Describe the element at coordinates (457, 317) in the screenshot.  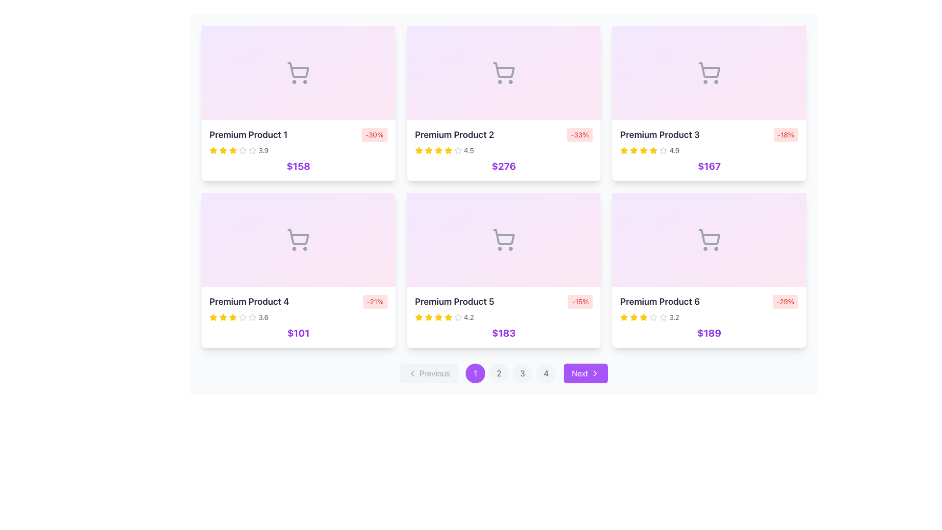
I see `the third star-shaped icon in the rating group located below 'Premium Product 5' and above the price '$183'` at that location.